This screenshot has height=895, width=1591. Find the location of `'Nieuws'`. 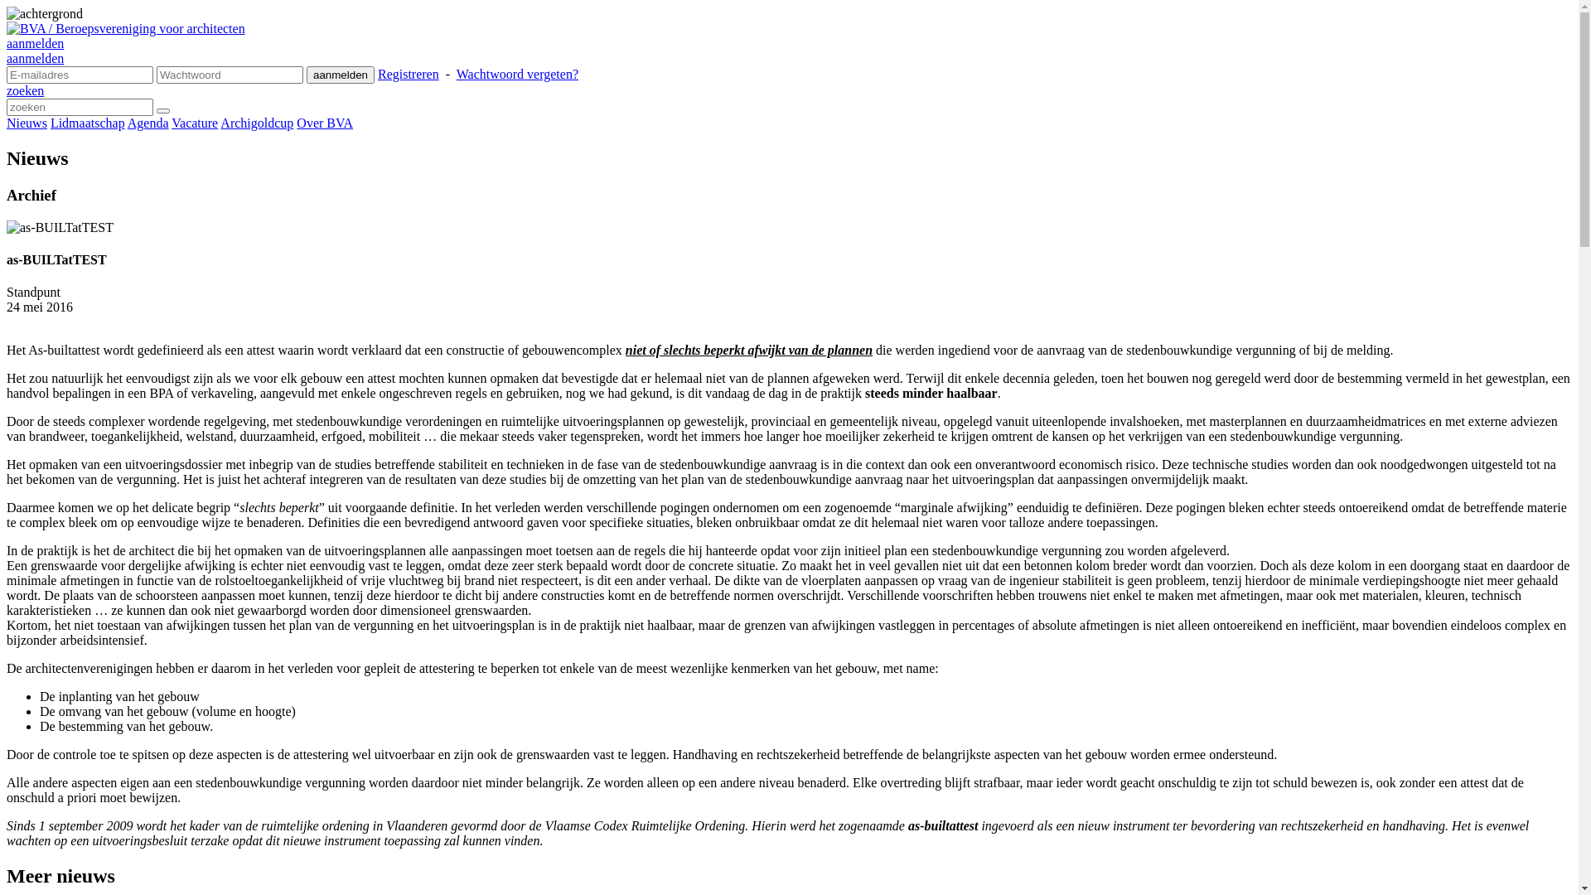

'Nieuws' is located at coordinates (27, 122).